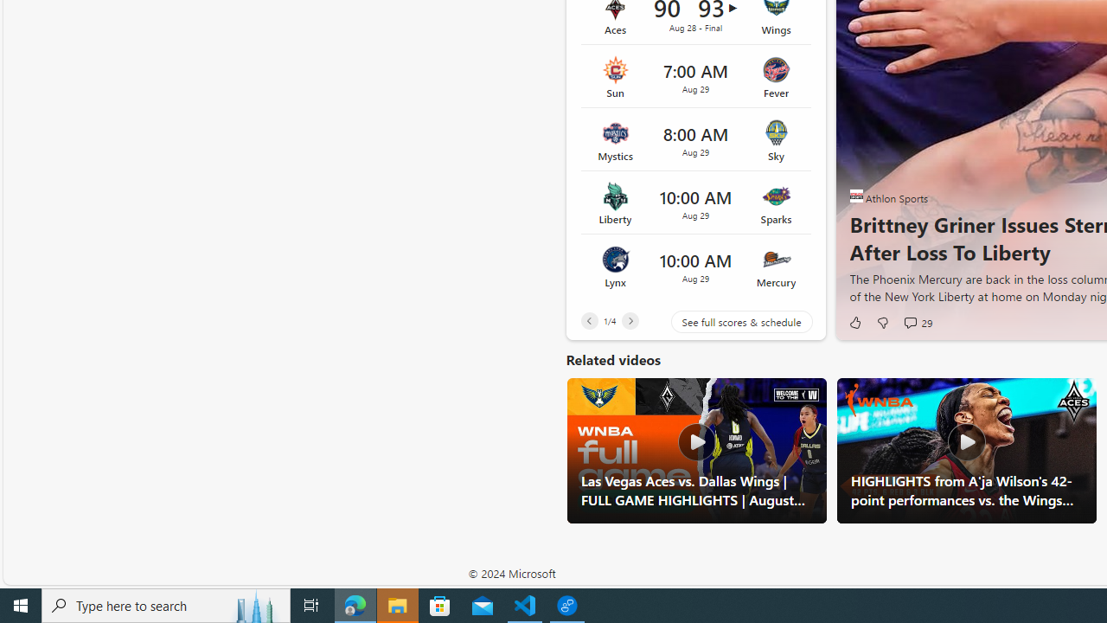 The height and width of the screenshot is (623, 1107). I want to click on 'Sun vs Fever Time 7:00 AM Date Aug 29', so click(695, 75).